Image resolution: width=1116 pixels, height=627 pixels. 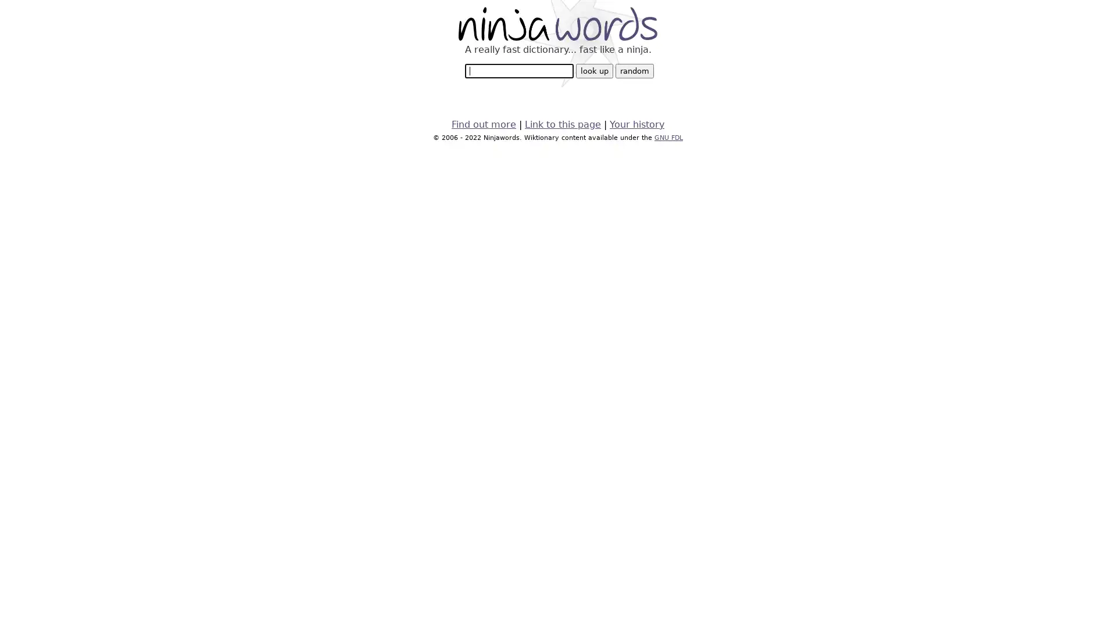 What do you see at coordinates (594, 71) in the screenshot?
I see `look up` at bounding box center [594, 71].